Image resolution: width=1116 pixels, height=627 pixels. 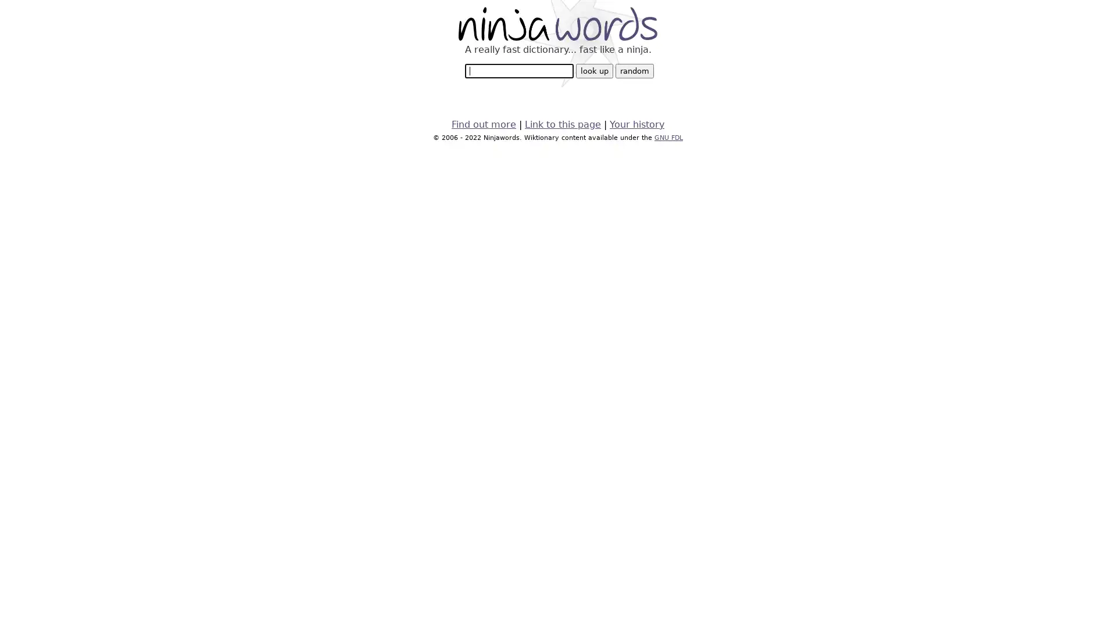 What do you see at coordinates (594, 71) in the screenshot?
I see `look up` at bounding box center [594, 71].